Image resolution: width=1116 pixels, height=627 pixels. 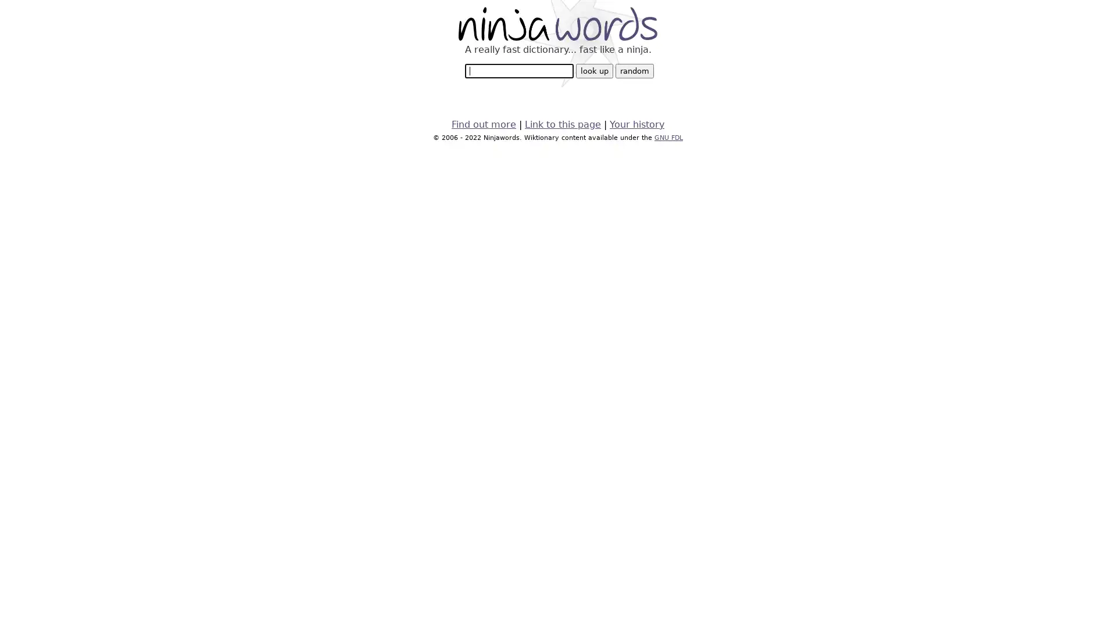 What do you see at coordinates (594, 71) in the screenshot?
I see `look up` at bounding box center [594, 71].